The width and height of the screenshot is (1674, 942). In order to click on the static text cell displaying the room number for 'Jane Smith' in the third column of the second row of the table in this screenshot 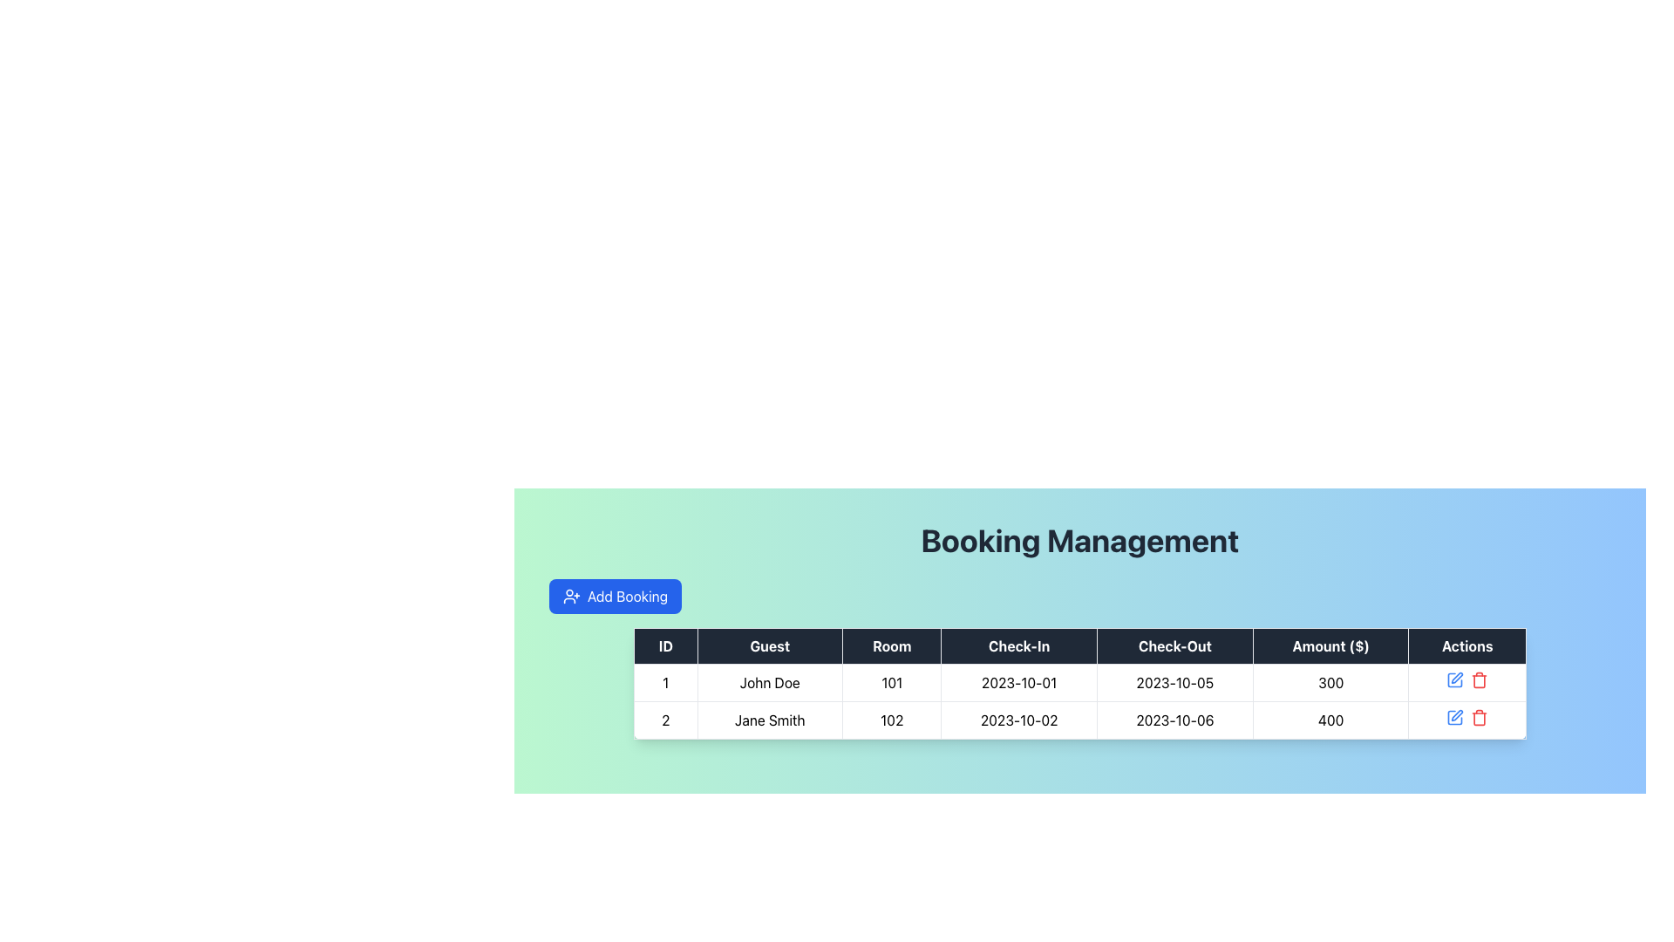, I will do `click(892, 720)`.